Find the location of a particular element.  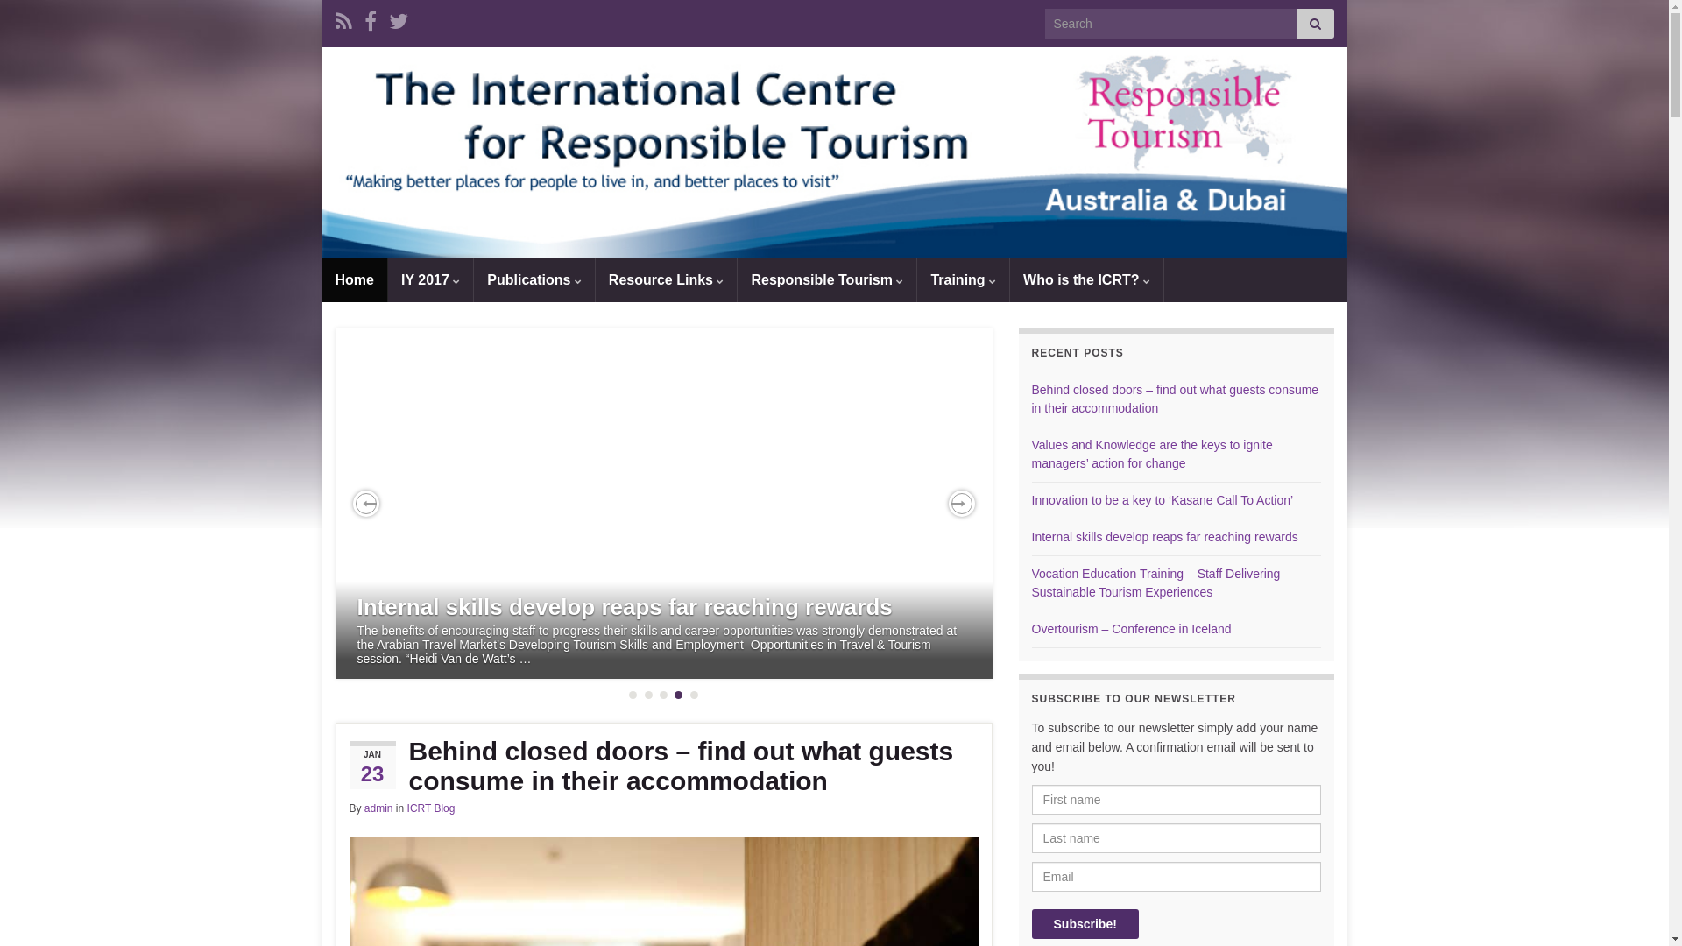

'admin' is located at coordinates (378, 808).